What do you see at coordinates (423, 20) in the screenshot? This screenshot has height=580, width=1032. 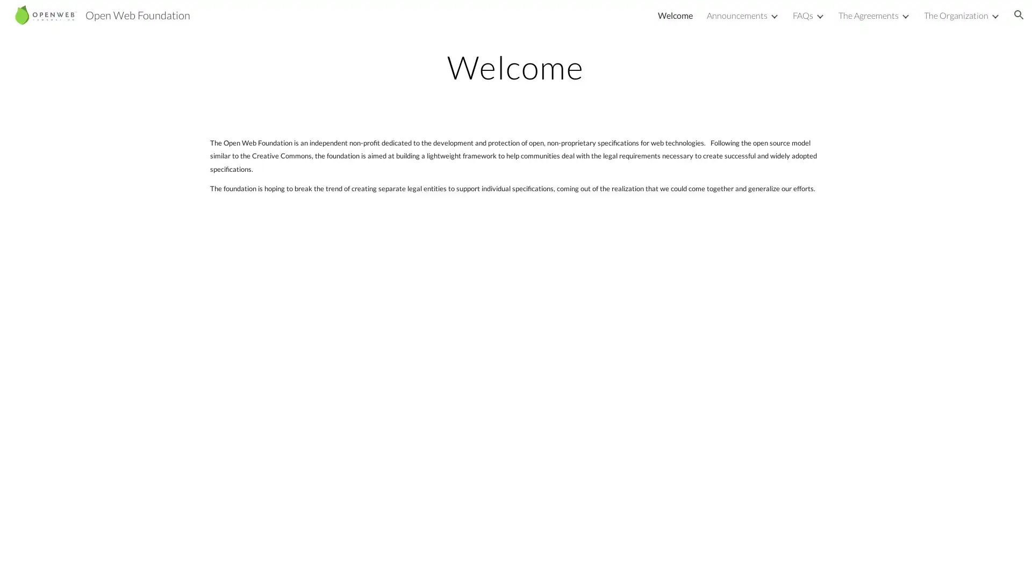 I see `Skip to main content` at bounding box center [423, 20].